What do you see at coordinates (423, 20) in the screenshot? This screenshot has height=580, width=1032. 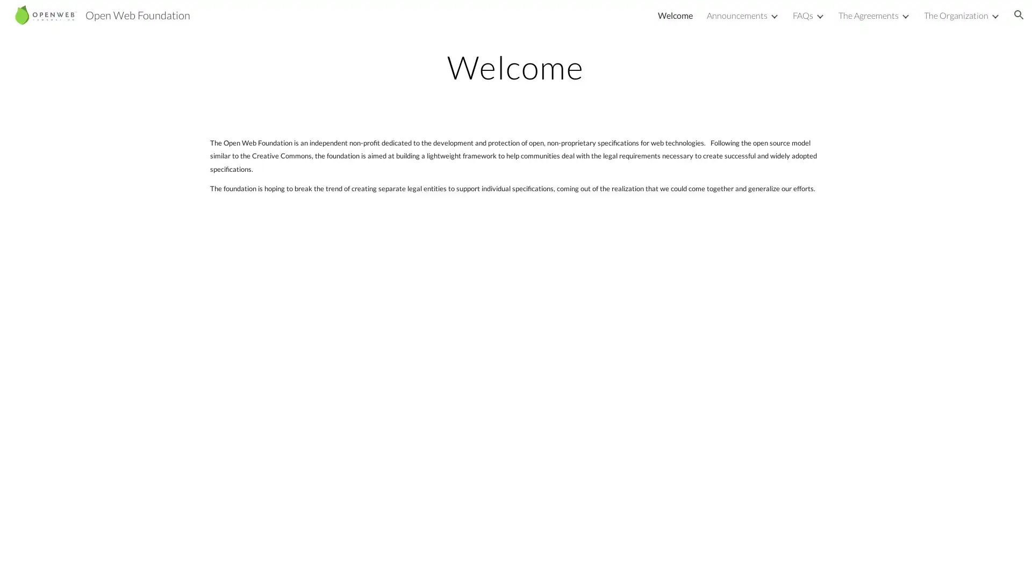 I see `Skip to main content` at bounding box center [423, 20].